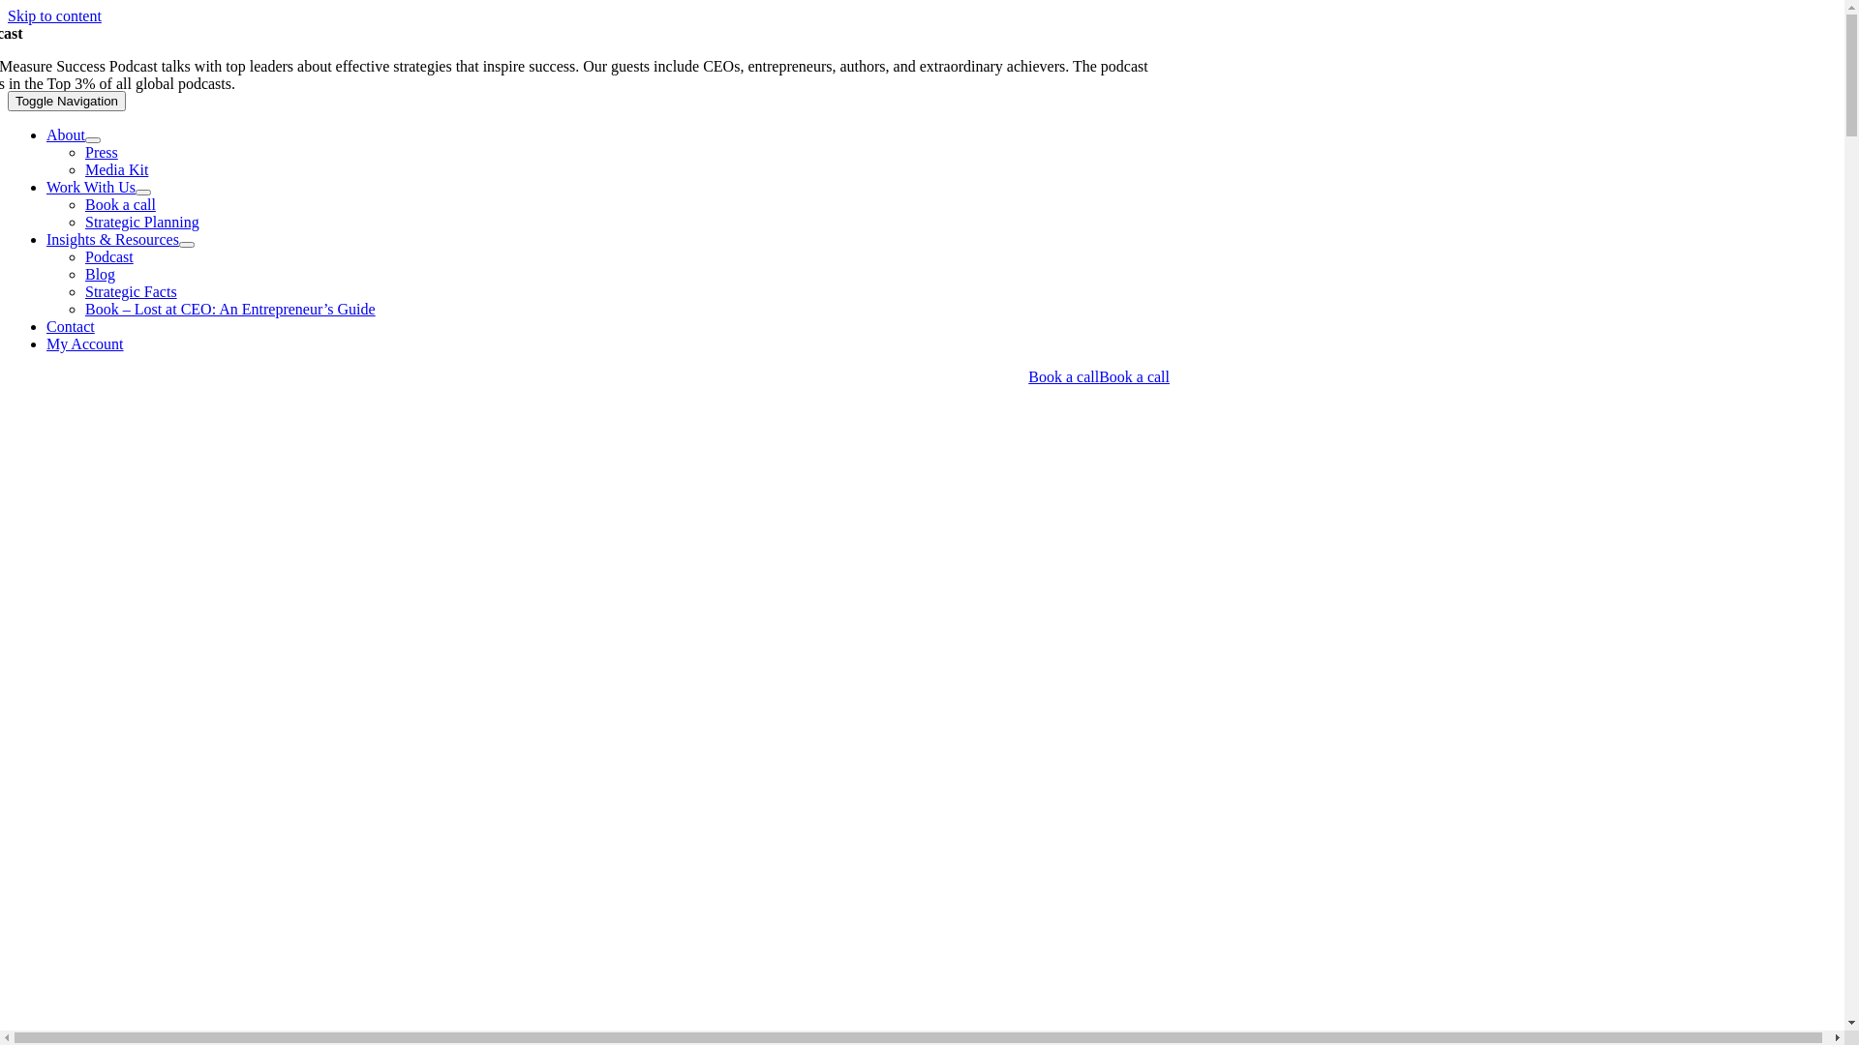 The height and width of the screenshot is (1045, 1859). Describe the element at coordinates (65, 134) in the screenshot. I see `'About'` at that location.